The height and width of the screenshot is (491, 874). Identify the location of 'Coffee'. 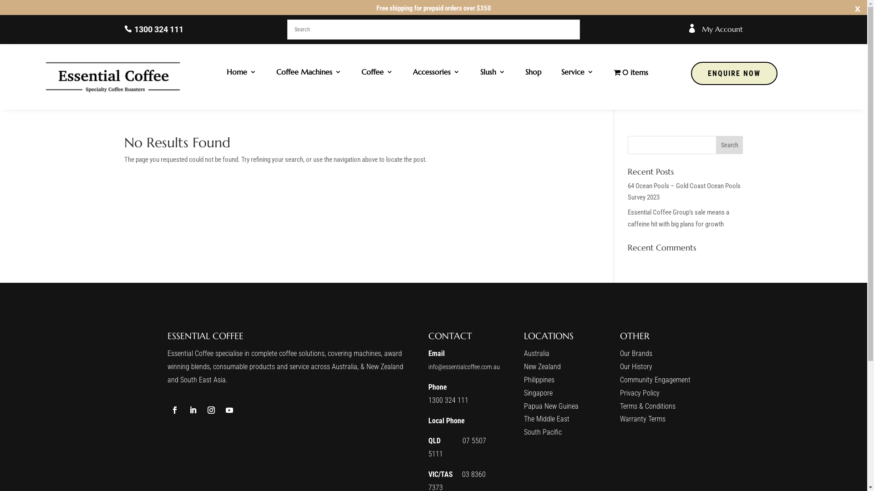
(377, 73).